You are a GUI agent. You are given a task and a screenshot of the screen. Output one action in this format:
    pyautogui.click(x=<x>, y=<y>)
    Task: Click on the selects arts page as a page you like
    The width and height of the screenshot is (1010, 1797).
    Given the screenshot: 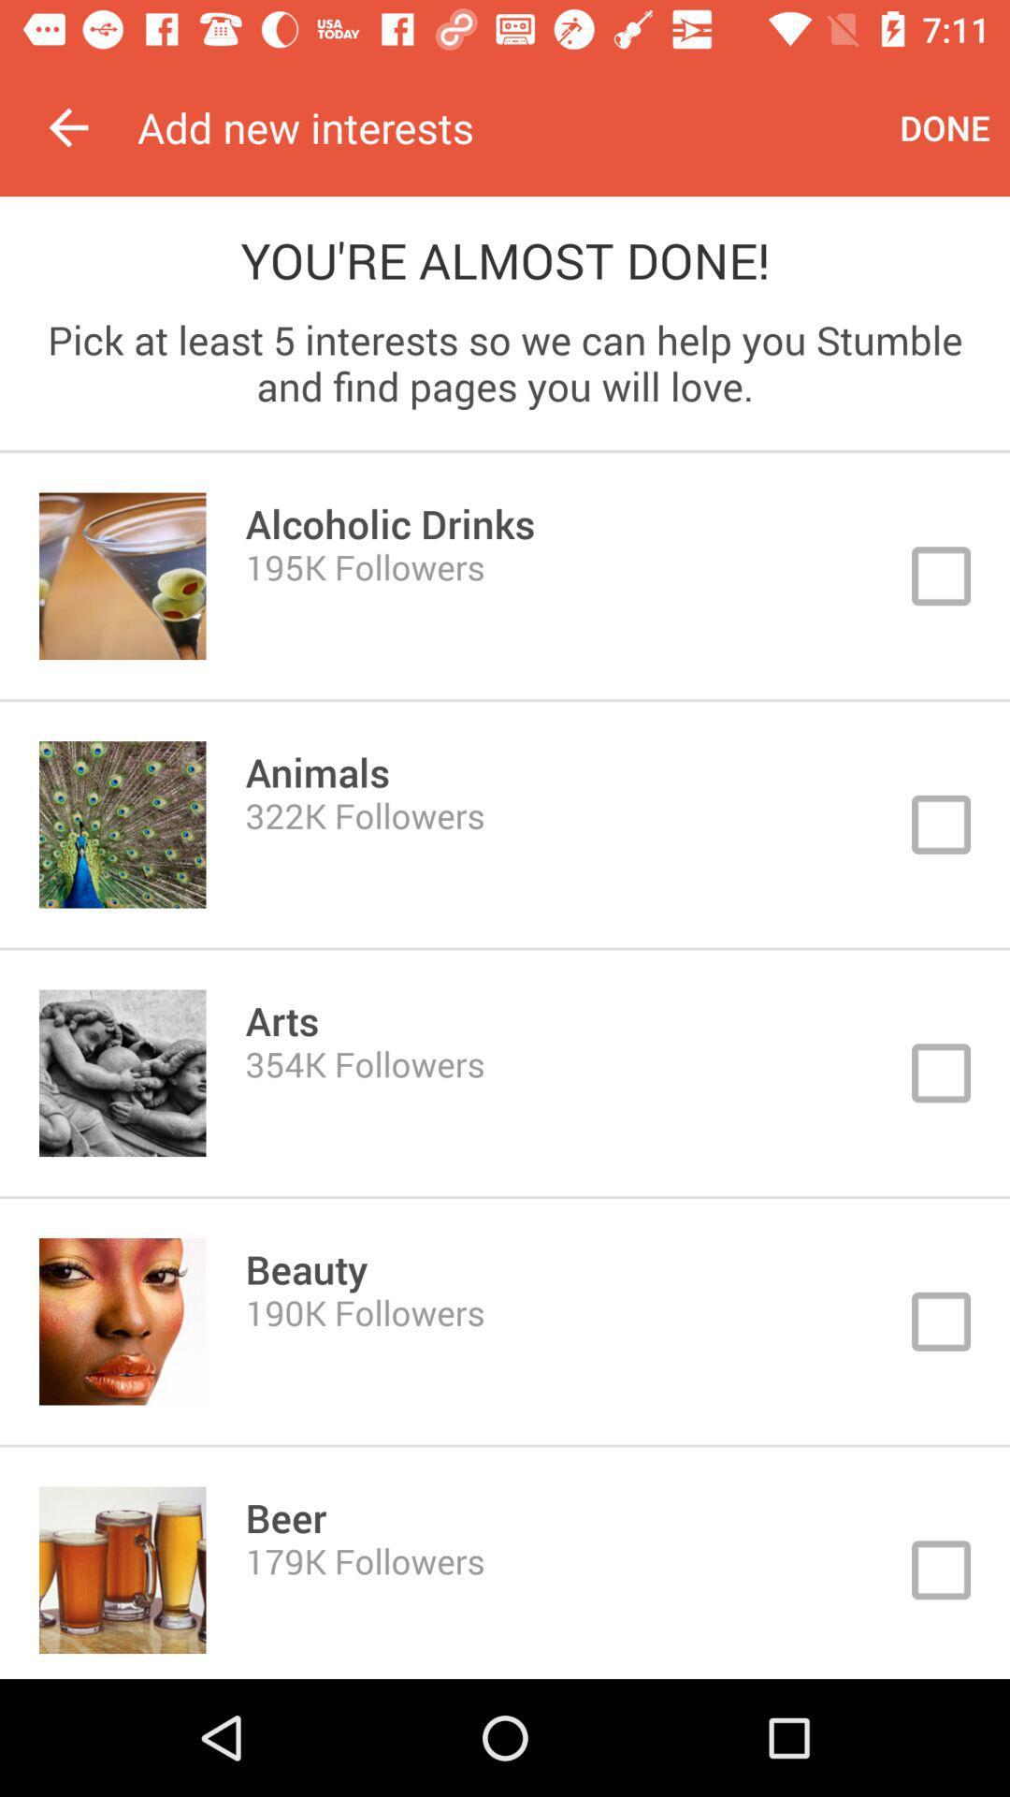 What is the action you would take?
    pyautogui.click(x=505, y=1073)
    